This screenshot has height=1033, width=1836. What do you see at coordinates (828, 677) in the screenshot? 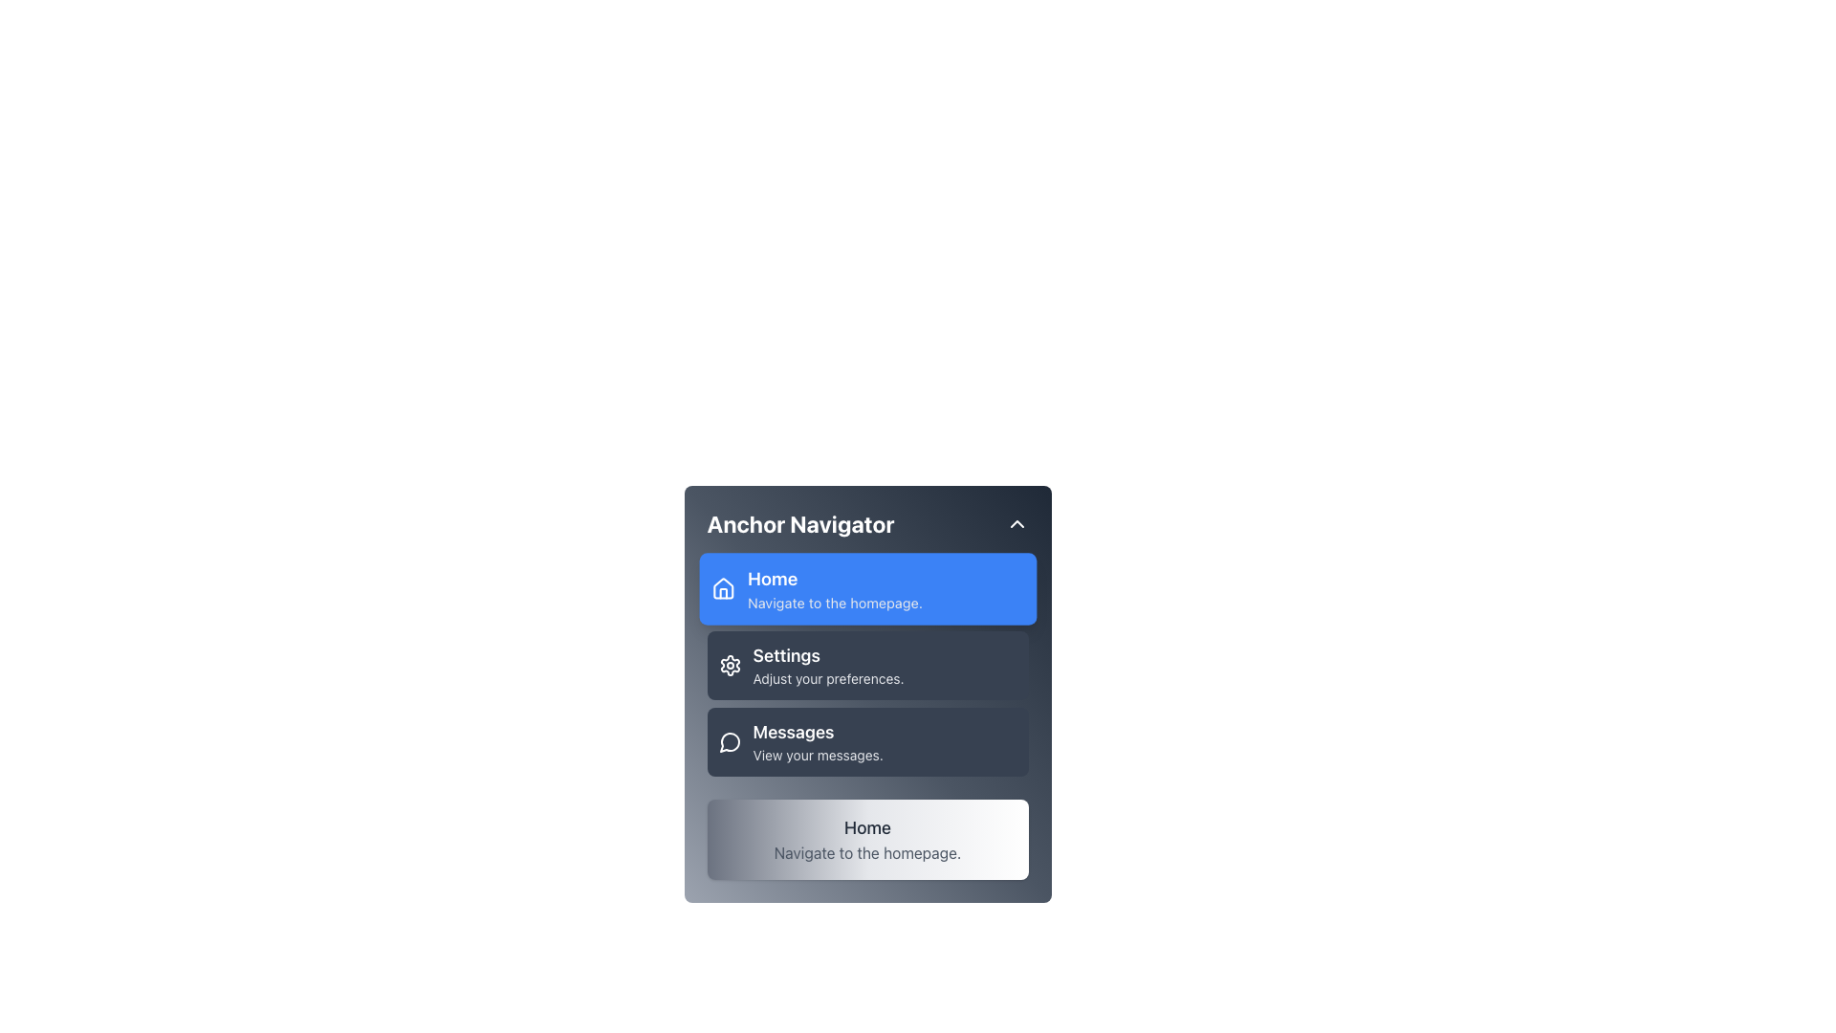
I see `text label 'Adjust your preferences.' located in the 'Settings' section, which is presented in a small gray font below the main heading 'Settings'` at bounding box center [828, 677].